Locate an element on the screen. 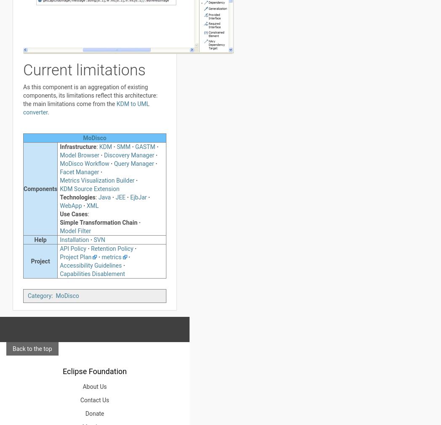  'Query Manager' is located at coordinates (133, 163).